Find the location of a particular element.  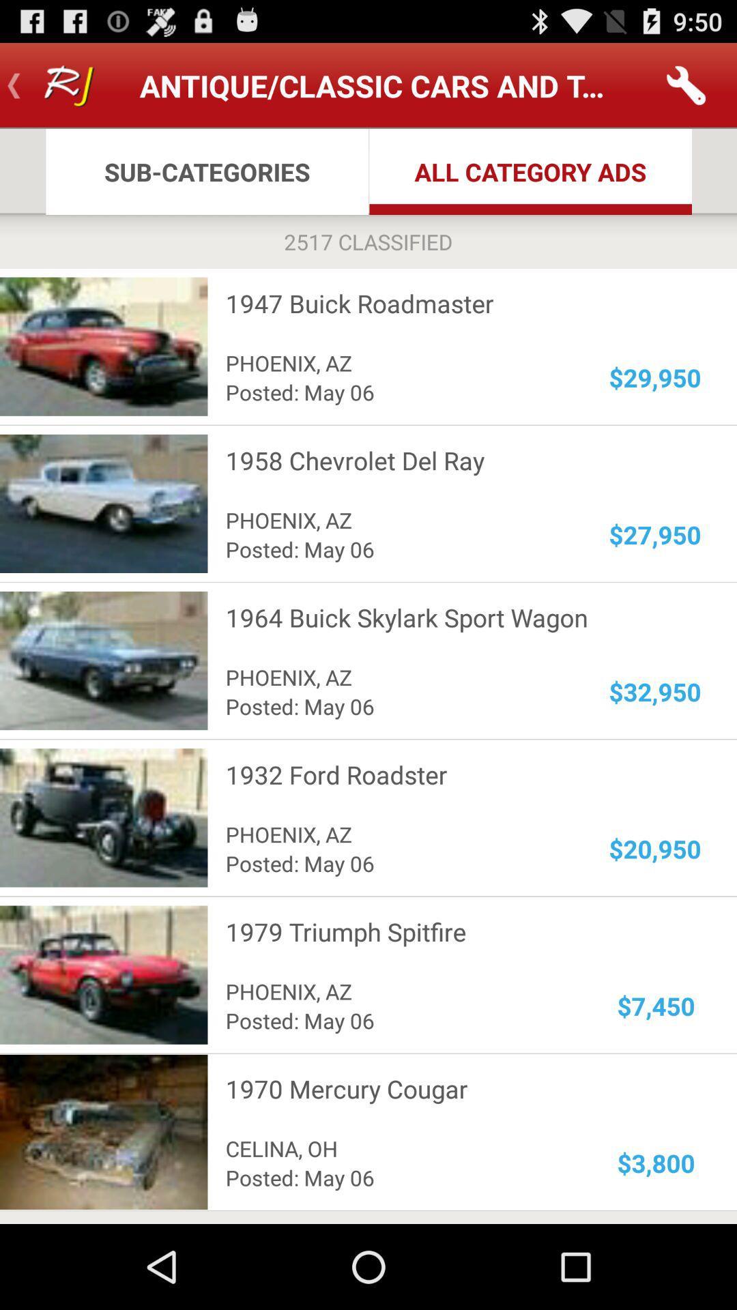

item below 1970 mercury cougar is located at coordinates (655, 1162).